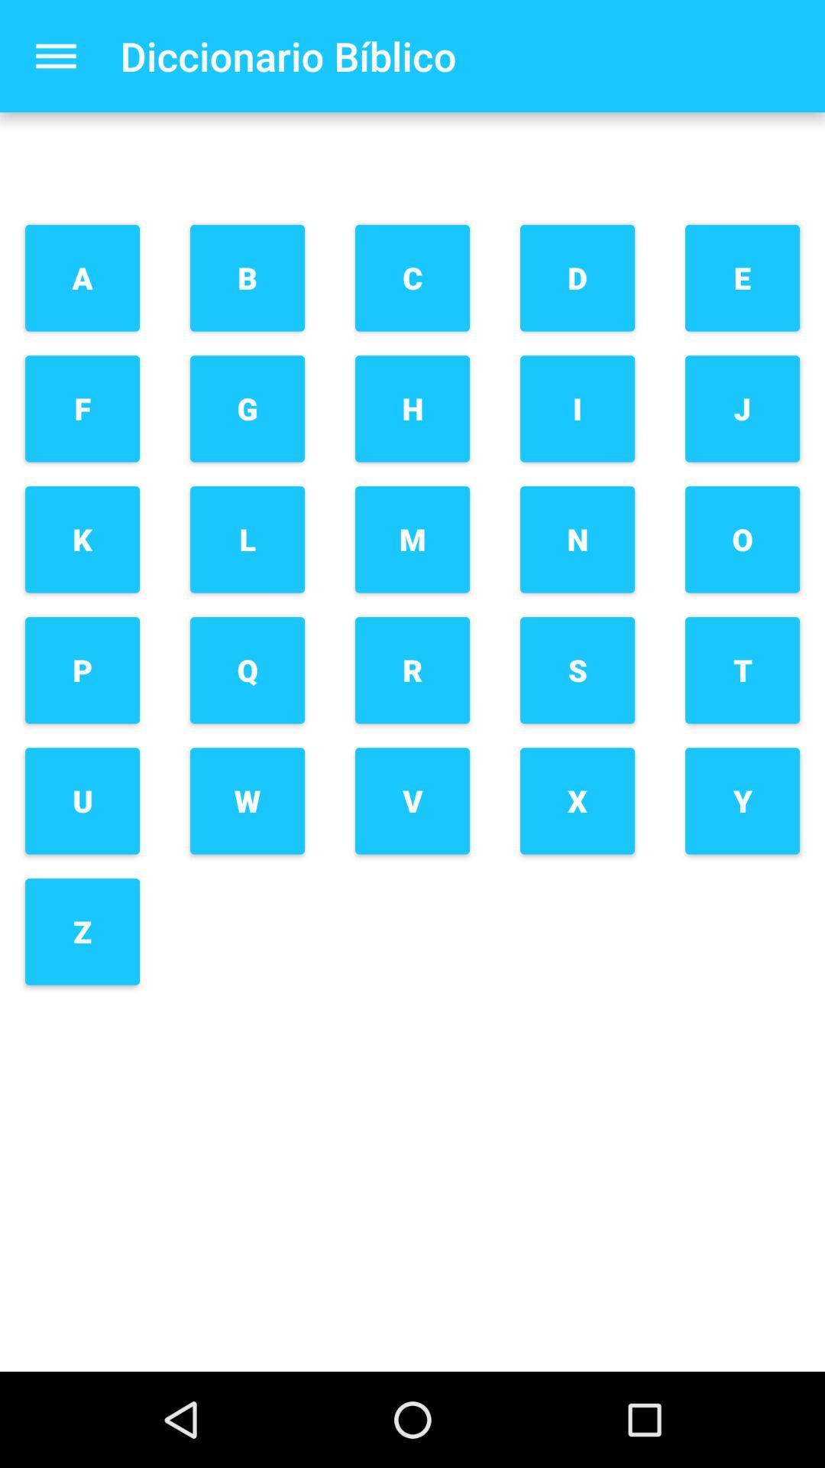 The height and width of the screenshot is (1468, 825). Describe the element at coordinates (742, 670) in the screenshot. I see `icon below o item` at that location.